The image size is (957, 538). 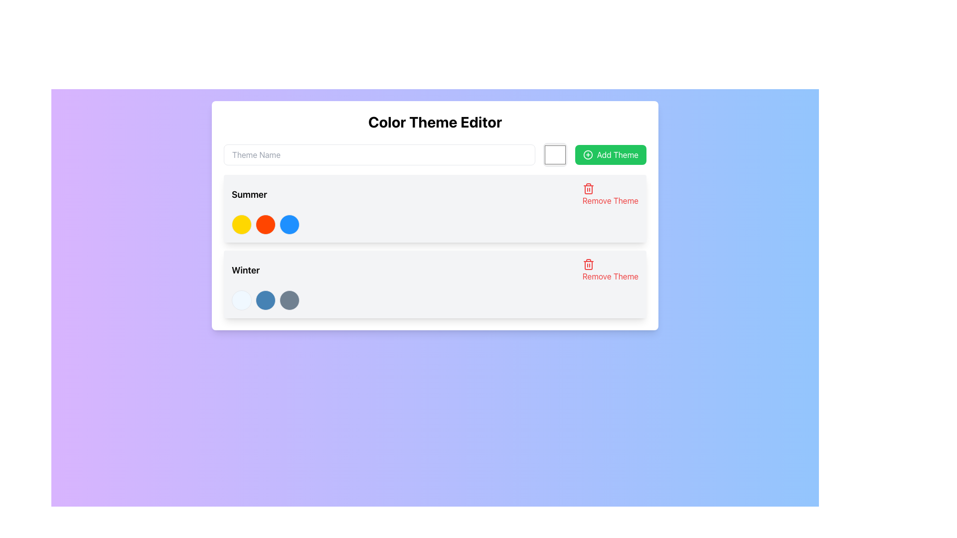 I want to click on the second circular element filled with bright red color in the 'Summer' section, which is positioned above the 'Winter' section, so click(x=265, y=225).